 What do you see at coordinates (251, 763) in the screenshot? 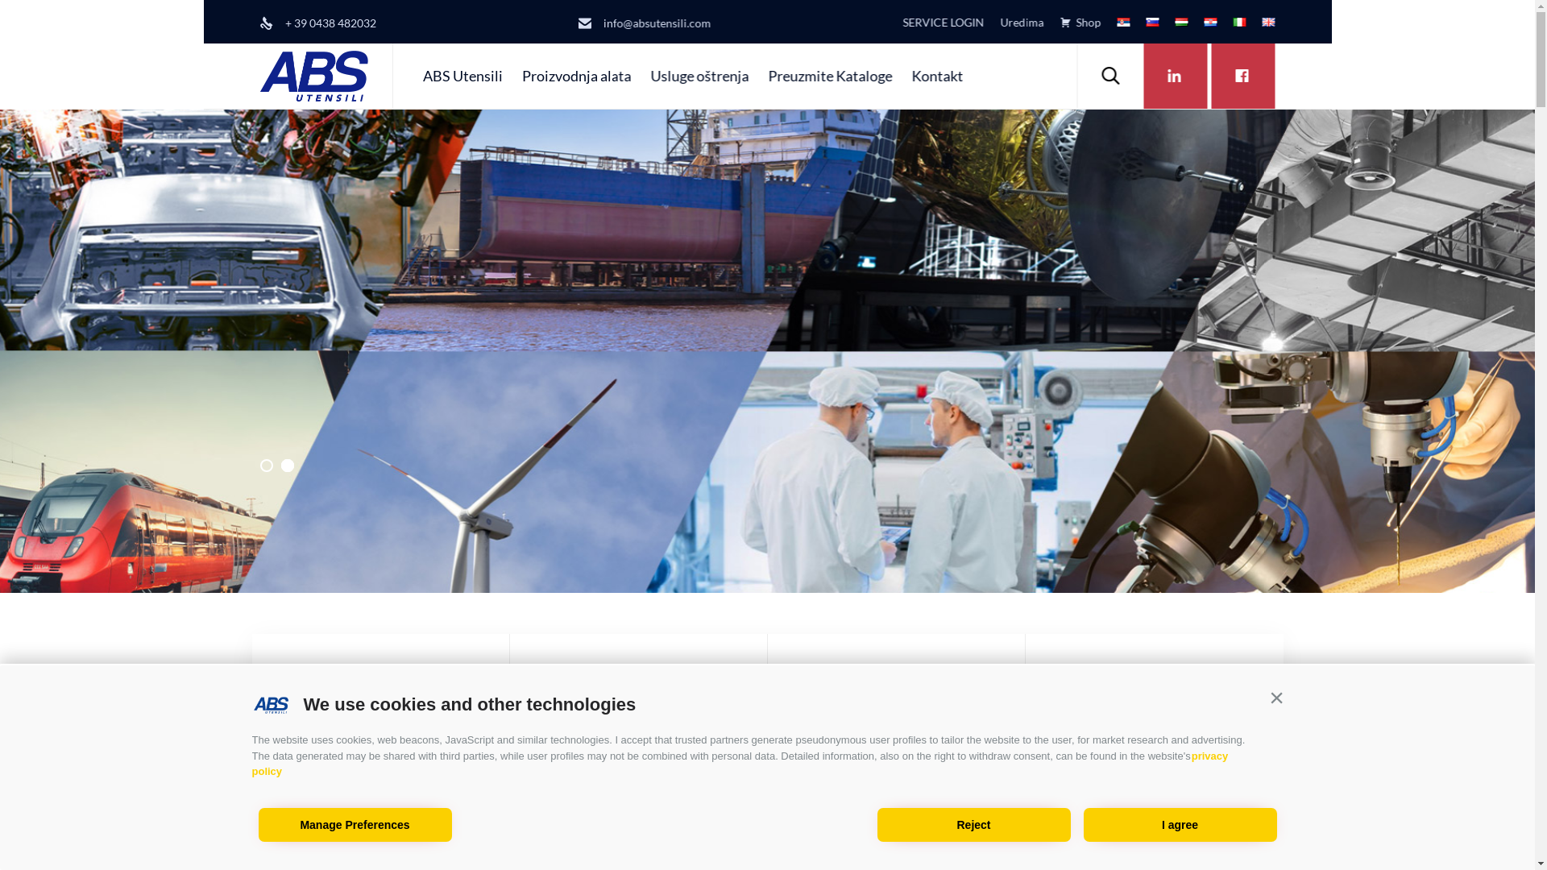
I see `'privacy policy'` at bounding box center [251, 763].